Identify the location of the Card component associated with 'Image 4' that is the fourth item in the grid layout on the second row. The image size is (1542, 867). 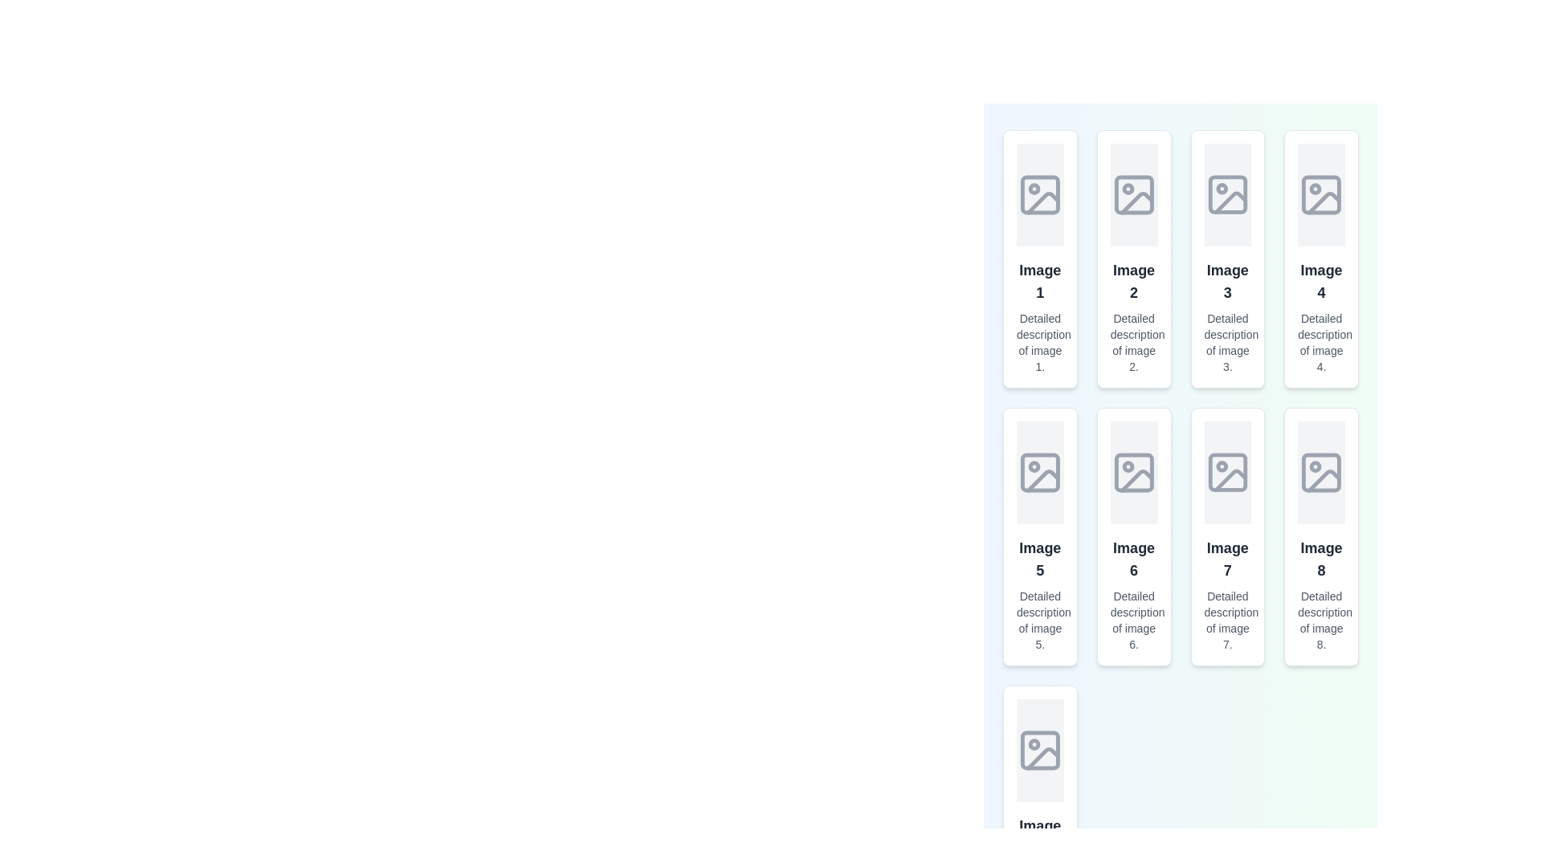
(1321, 258).